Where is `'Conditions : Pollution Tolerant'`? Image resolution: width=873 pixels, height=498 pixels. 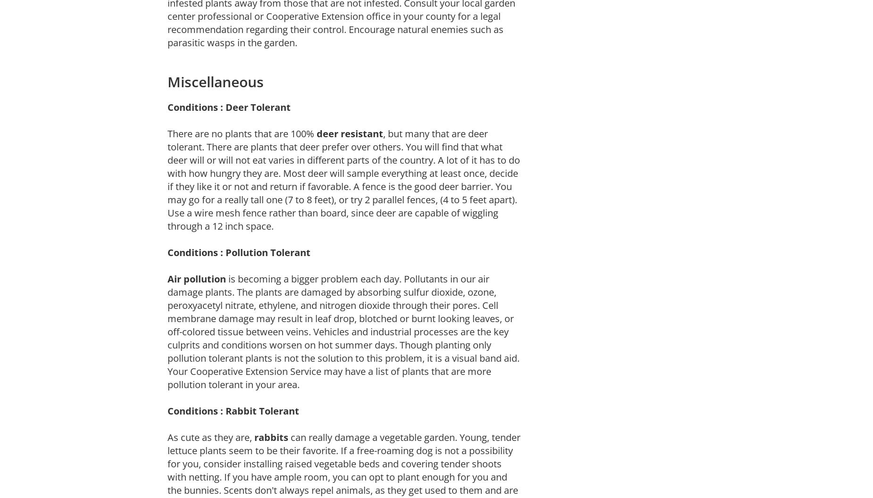
'Conditions : Pollution Tolerant' is located at coordinates (167, 252).